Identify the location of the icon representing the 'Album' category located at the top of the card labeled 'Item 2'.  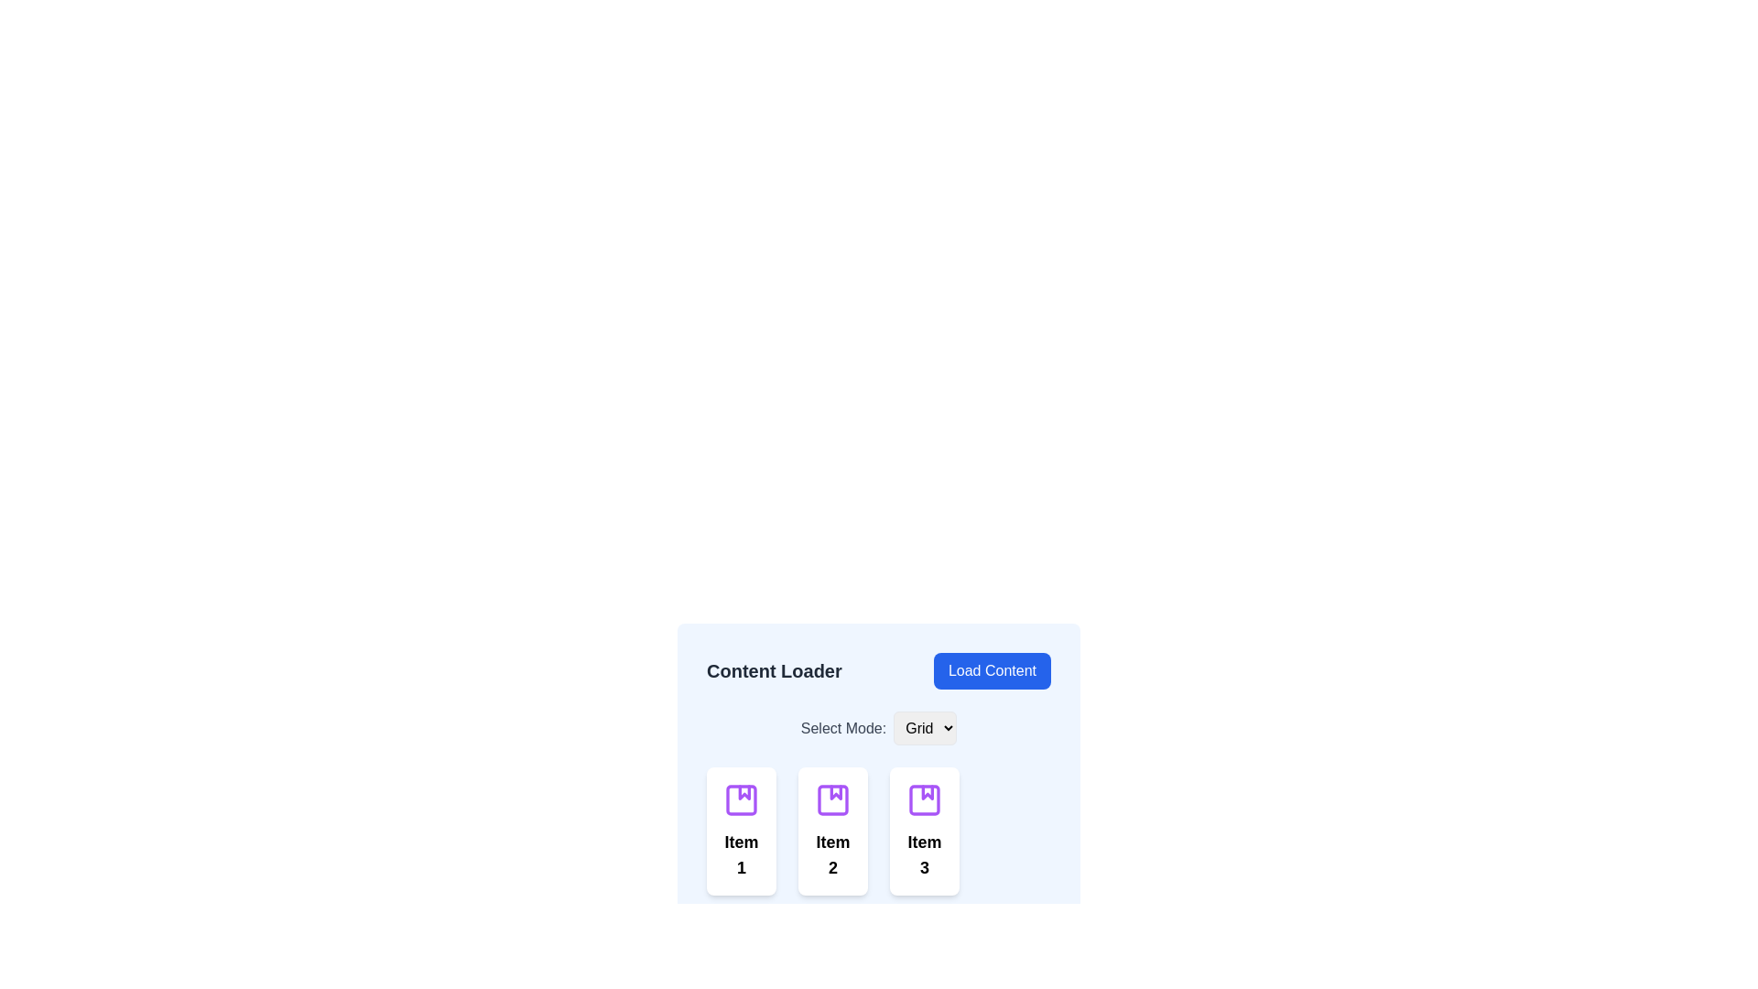
(832, 799).